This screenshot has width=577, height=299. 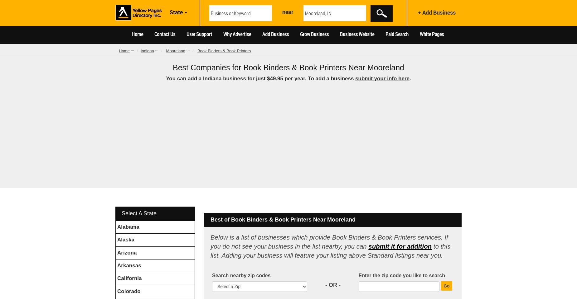 I want to click on 'Below is a list of businesses which provide Book Binders & Book Printers services. If you do not see your business in the list nearby, you can', so click(x=329, y=241).